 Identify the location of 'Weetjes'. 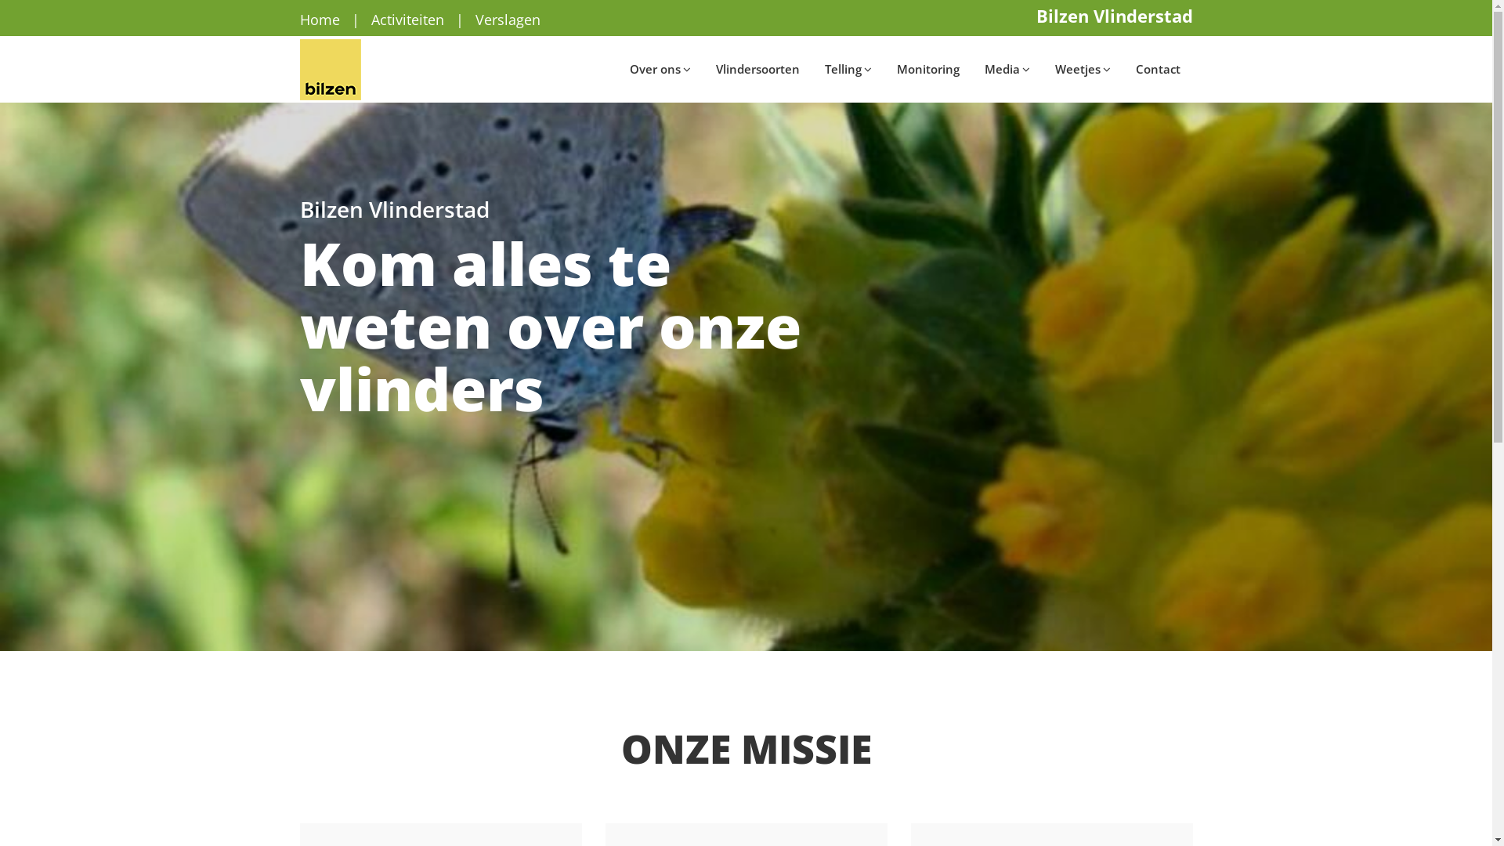
(1041, 68).